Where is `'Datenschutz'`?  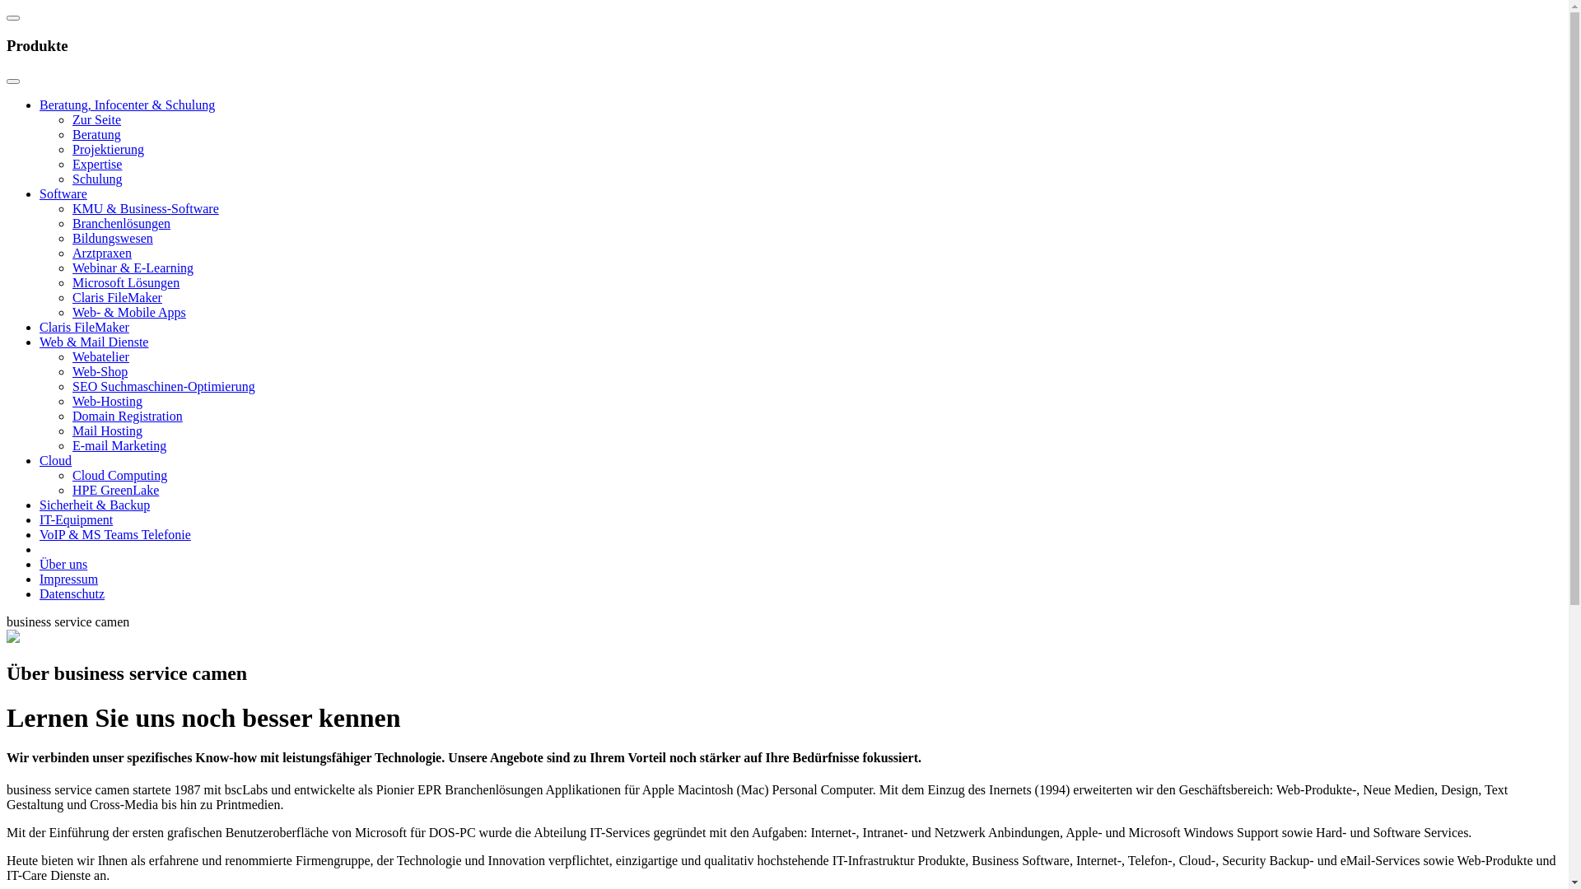 'Datenschutz' is located at coordinates (71, 593).